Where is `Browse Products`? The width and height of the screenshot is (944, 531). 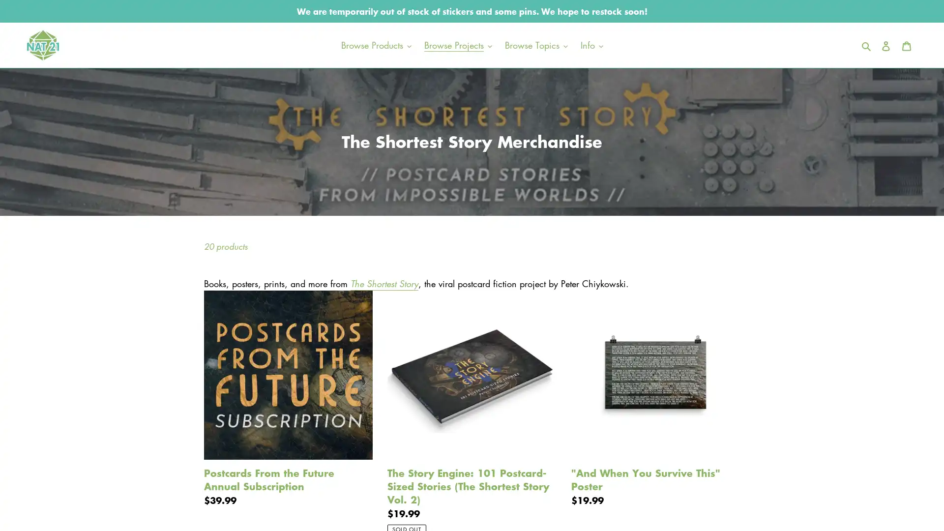
Browse Products is located at coordinates (375, 45).